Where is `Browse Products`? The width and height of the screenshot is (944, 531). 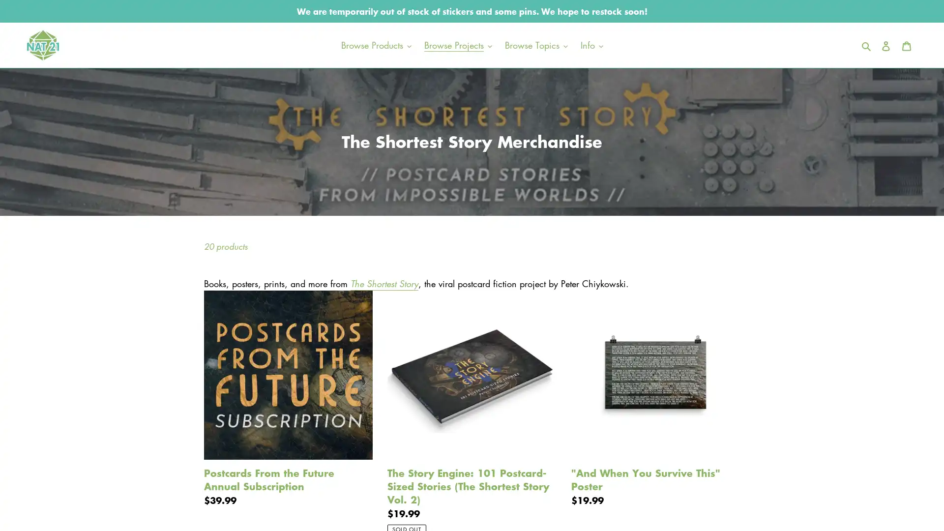
Browse Products is located at coordinates (375, 45).